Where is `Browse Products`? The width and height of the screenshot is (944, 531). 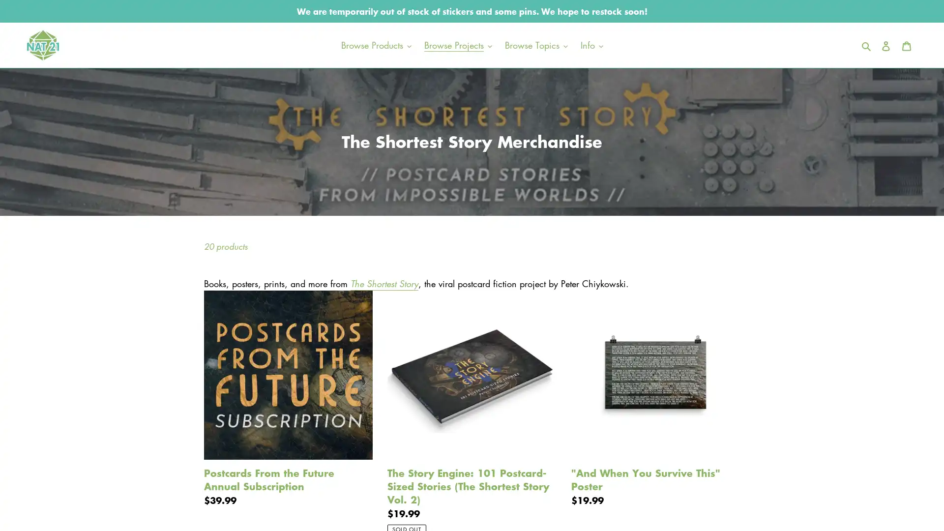
Browse Products is located at coordinates (375, 45).